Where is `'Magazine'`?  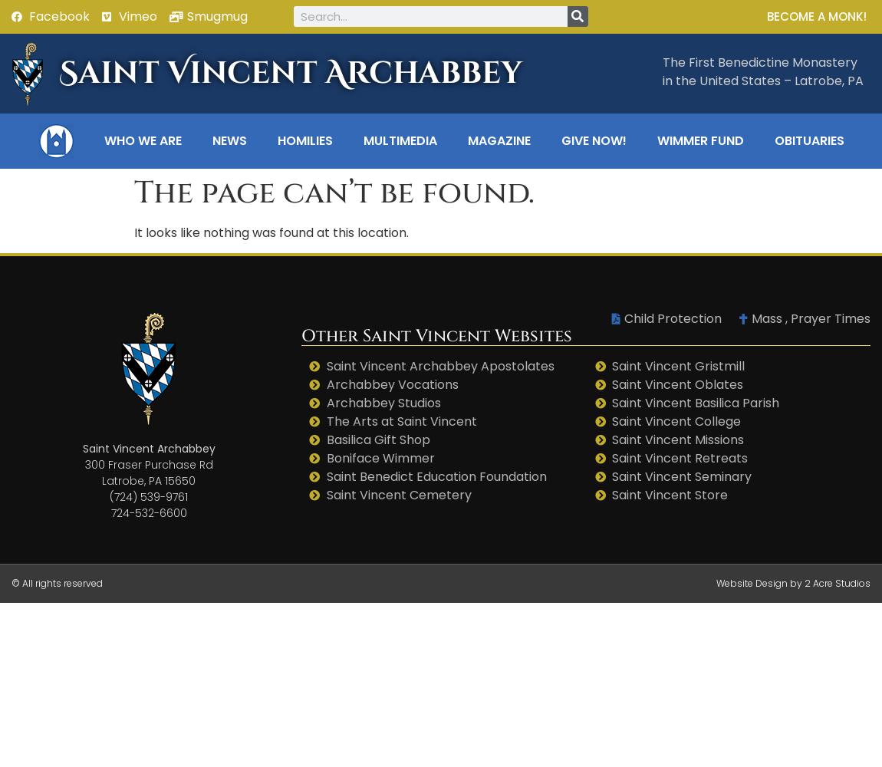 'Magazine' is located at coordinates (497, 140).